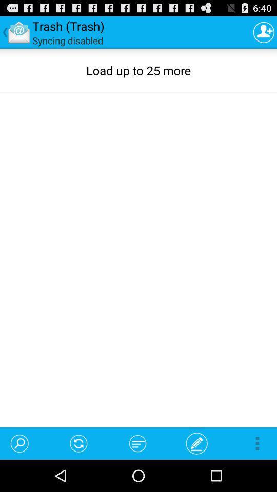  Describe the element at coordinates (137, 443) in the screenshot. I see `the icon at the bottom` at that location.